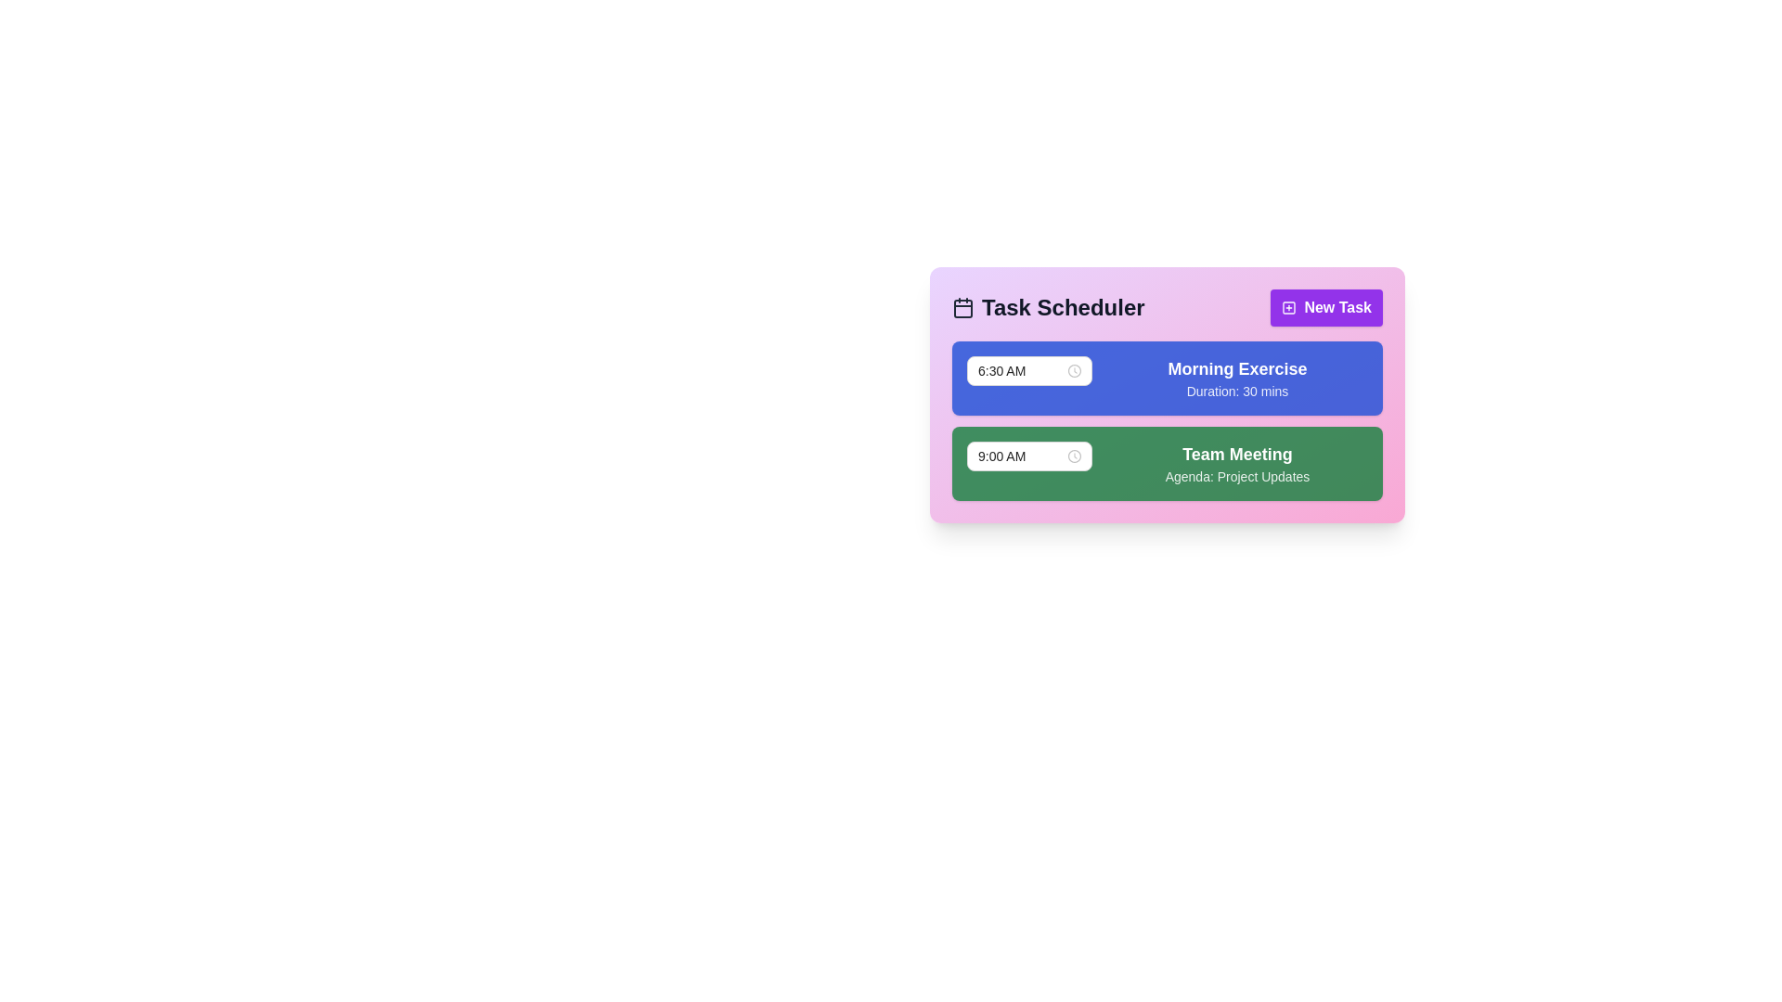 This screenshot has width=1782, height=1002. Describe the element at coordinates (1020, 456) in the screenshot. I see `the time picker text input field located in the middle of the green 'Team Meeting' section` at that location.